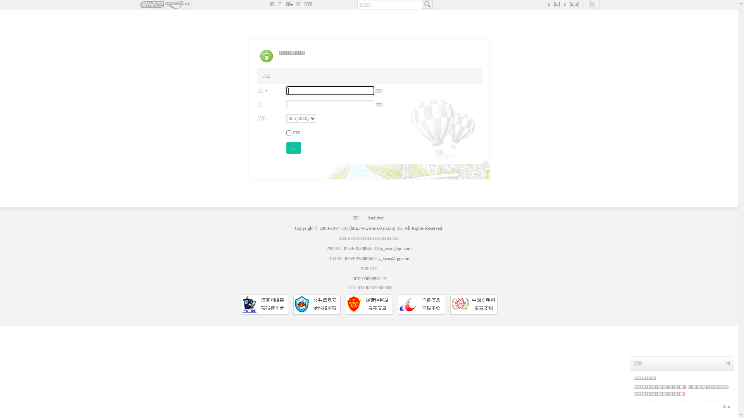 This screenshot has height=418, width=744. I want to click on 'Archiver', so click(367, 218).